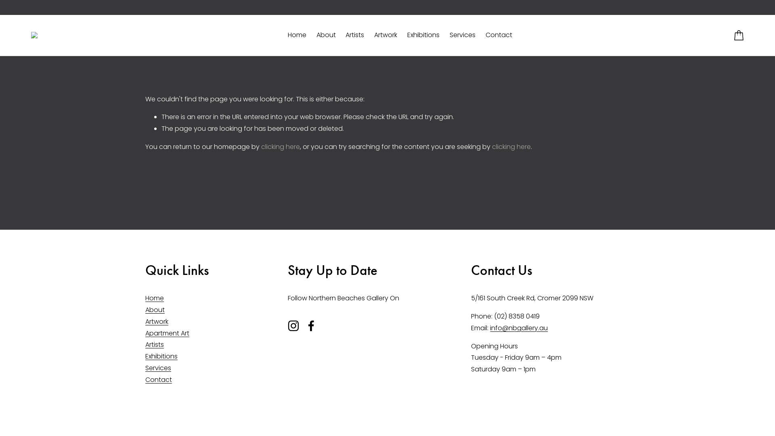 Image resolution: width=775 pixels, height=436 pixels. What do you see at coordinates (158, 368) in the screenshot?
I see `'Services'` at bounding box center [158, 368].